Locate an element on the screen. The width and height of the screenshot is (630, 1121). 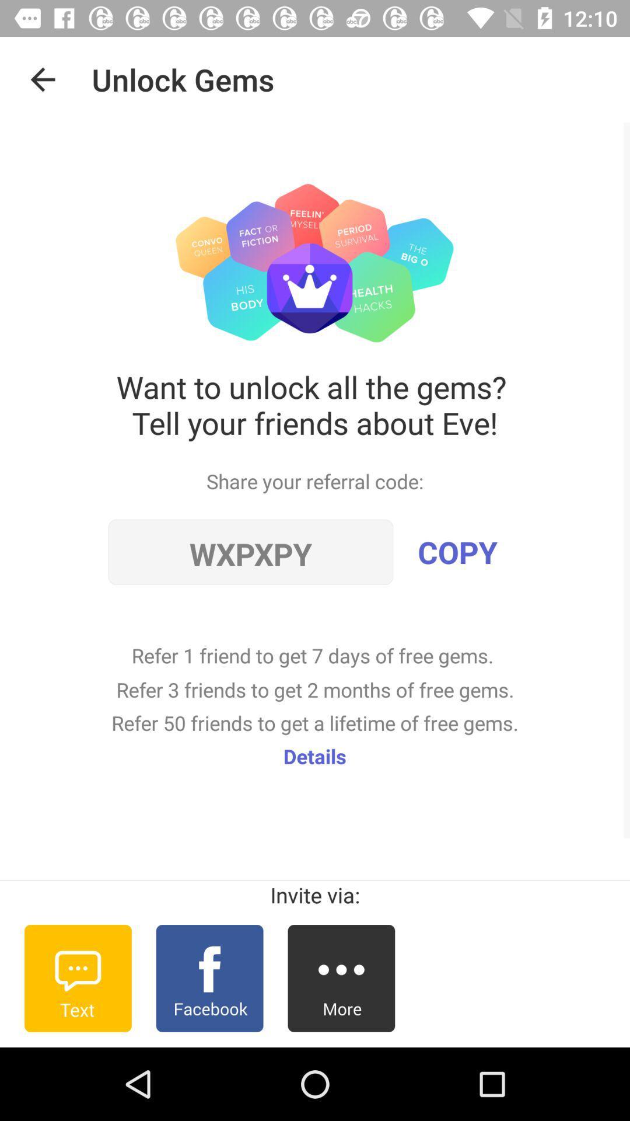
go back is located at coordinates (42, 79).